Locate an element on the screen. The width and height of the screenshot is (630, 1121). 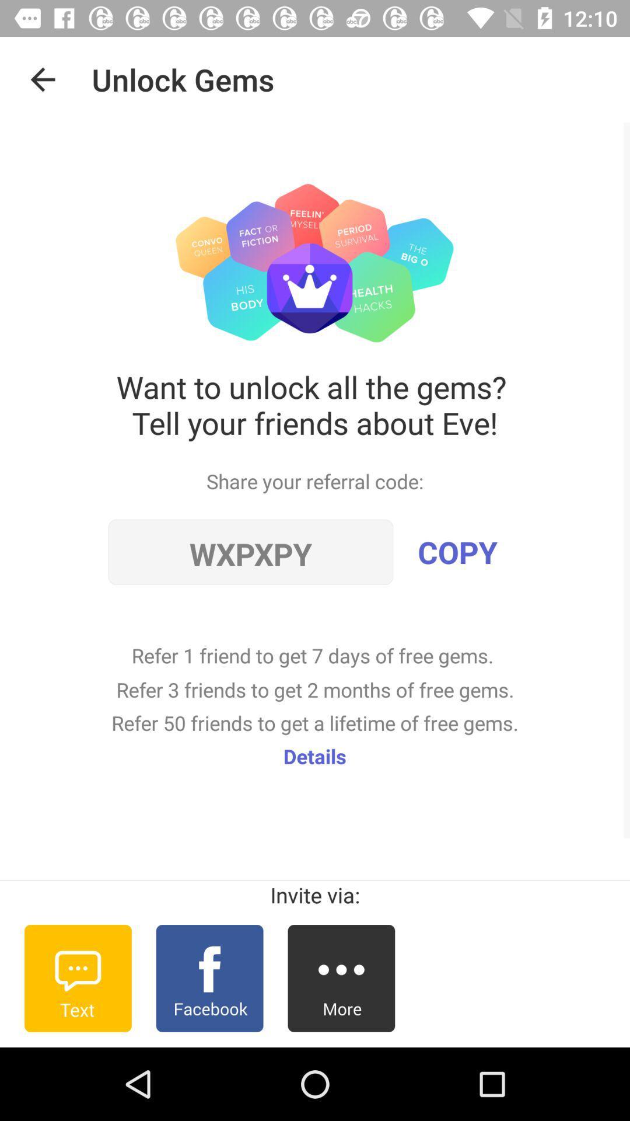
go back is located at coordinates (42, 79).